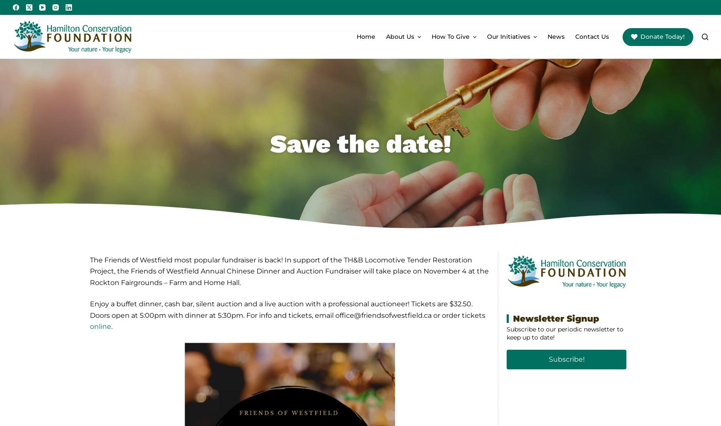 The image size is (721, 426). I want to click on 'Home', so click(366, 36).